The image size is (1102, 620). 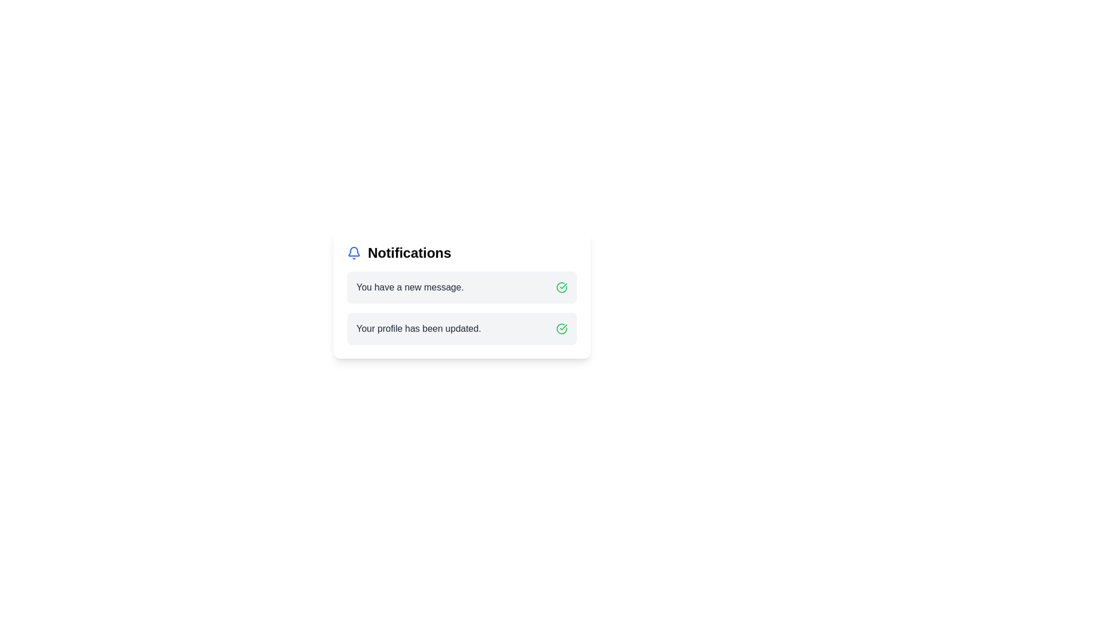 I want to click on the confirmation icon located at the right-most edge of the notification card that indicates 'You have a new message.', so click(x=562, y=287).